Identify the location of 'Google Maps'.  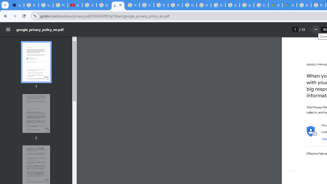
(290, 5).